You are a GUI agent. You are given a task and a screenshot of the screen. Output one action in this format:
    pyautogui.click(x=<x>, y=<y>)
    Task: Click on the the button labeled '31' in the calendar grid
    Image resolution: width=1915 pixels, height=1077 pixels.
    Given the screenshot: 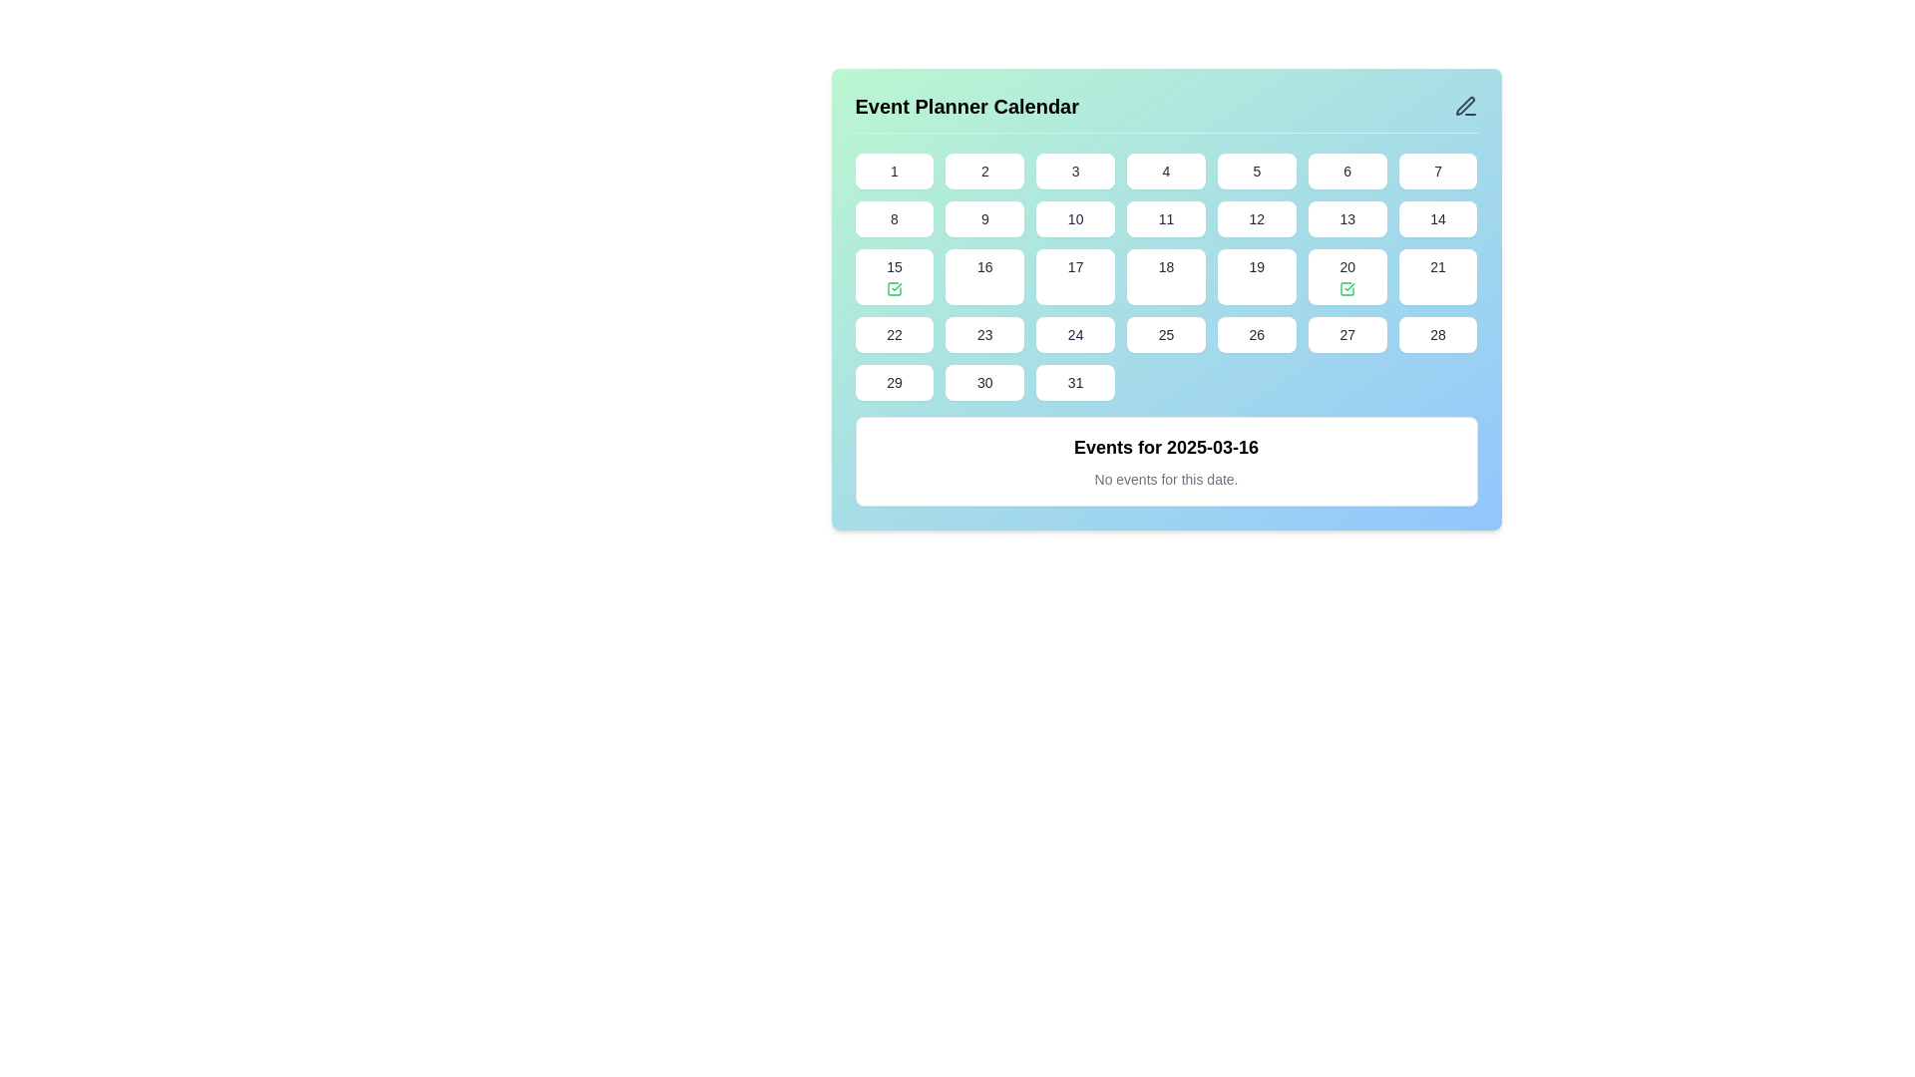 What is the action you would take?
    pyautogui.click(x=1074, y=383)
    